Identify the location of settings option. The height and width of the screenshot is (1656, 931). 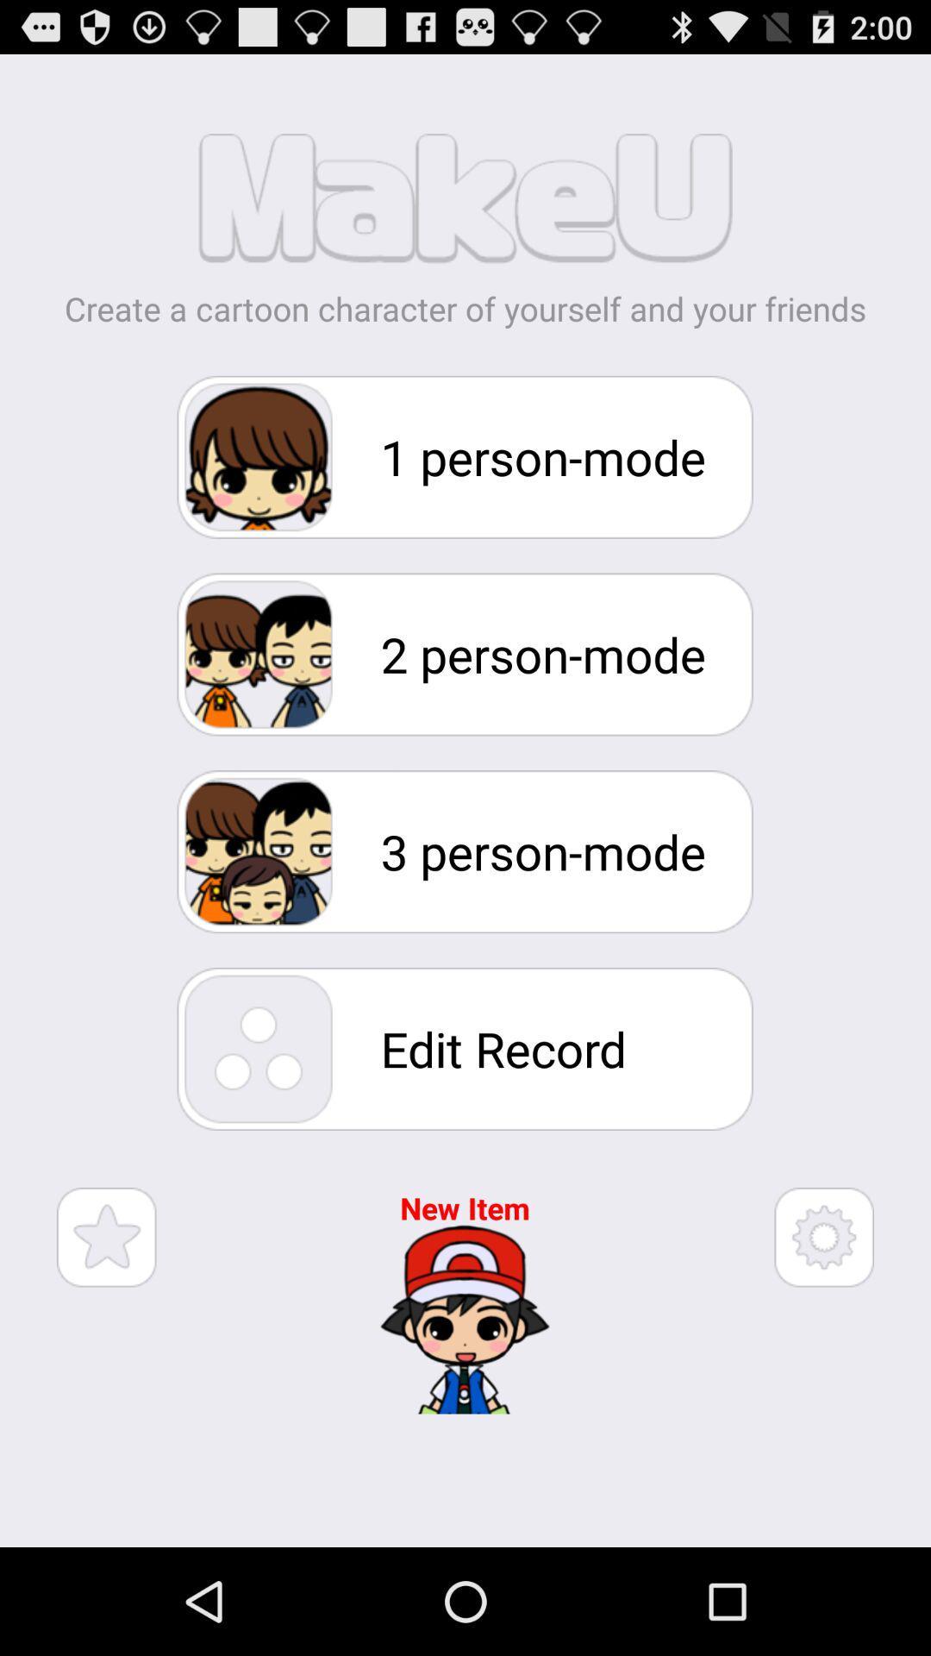
(823, 1236).